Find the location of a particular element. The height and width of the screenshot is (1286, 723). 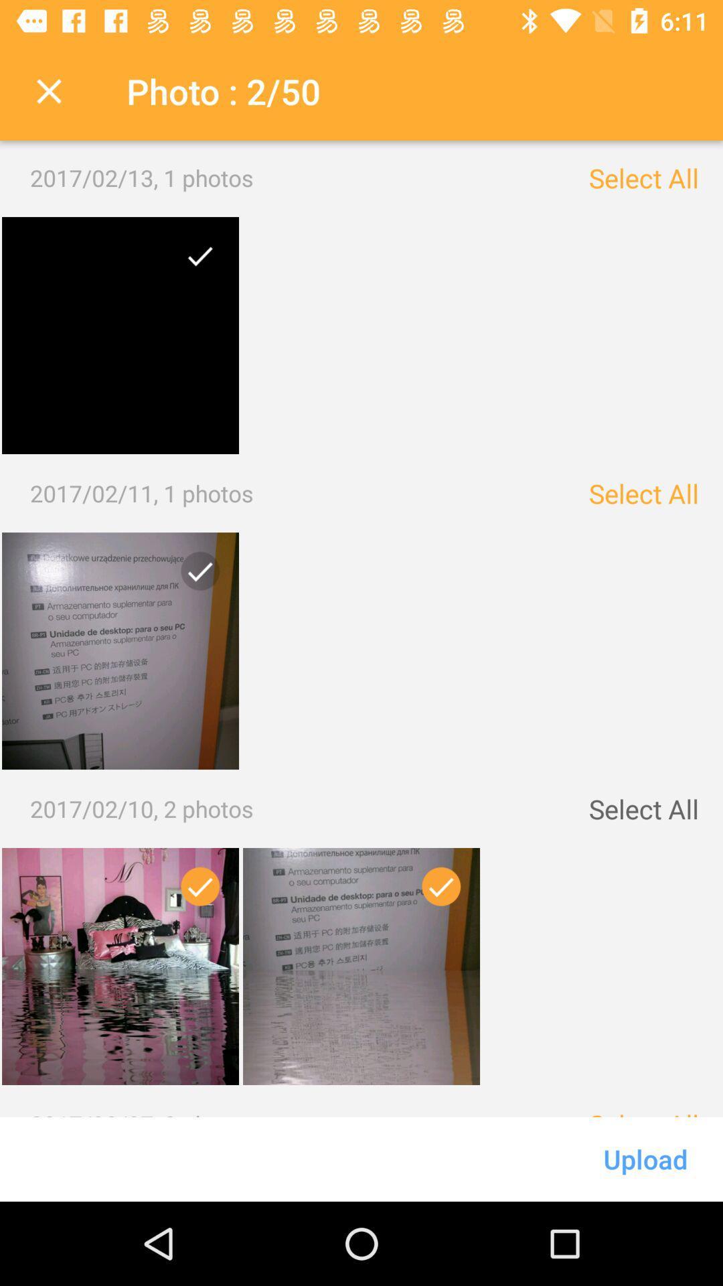

the picture which is beside the pink colour picture is located at coordinates (361, 967).